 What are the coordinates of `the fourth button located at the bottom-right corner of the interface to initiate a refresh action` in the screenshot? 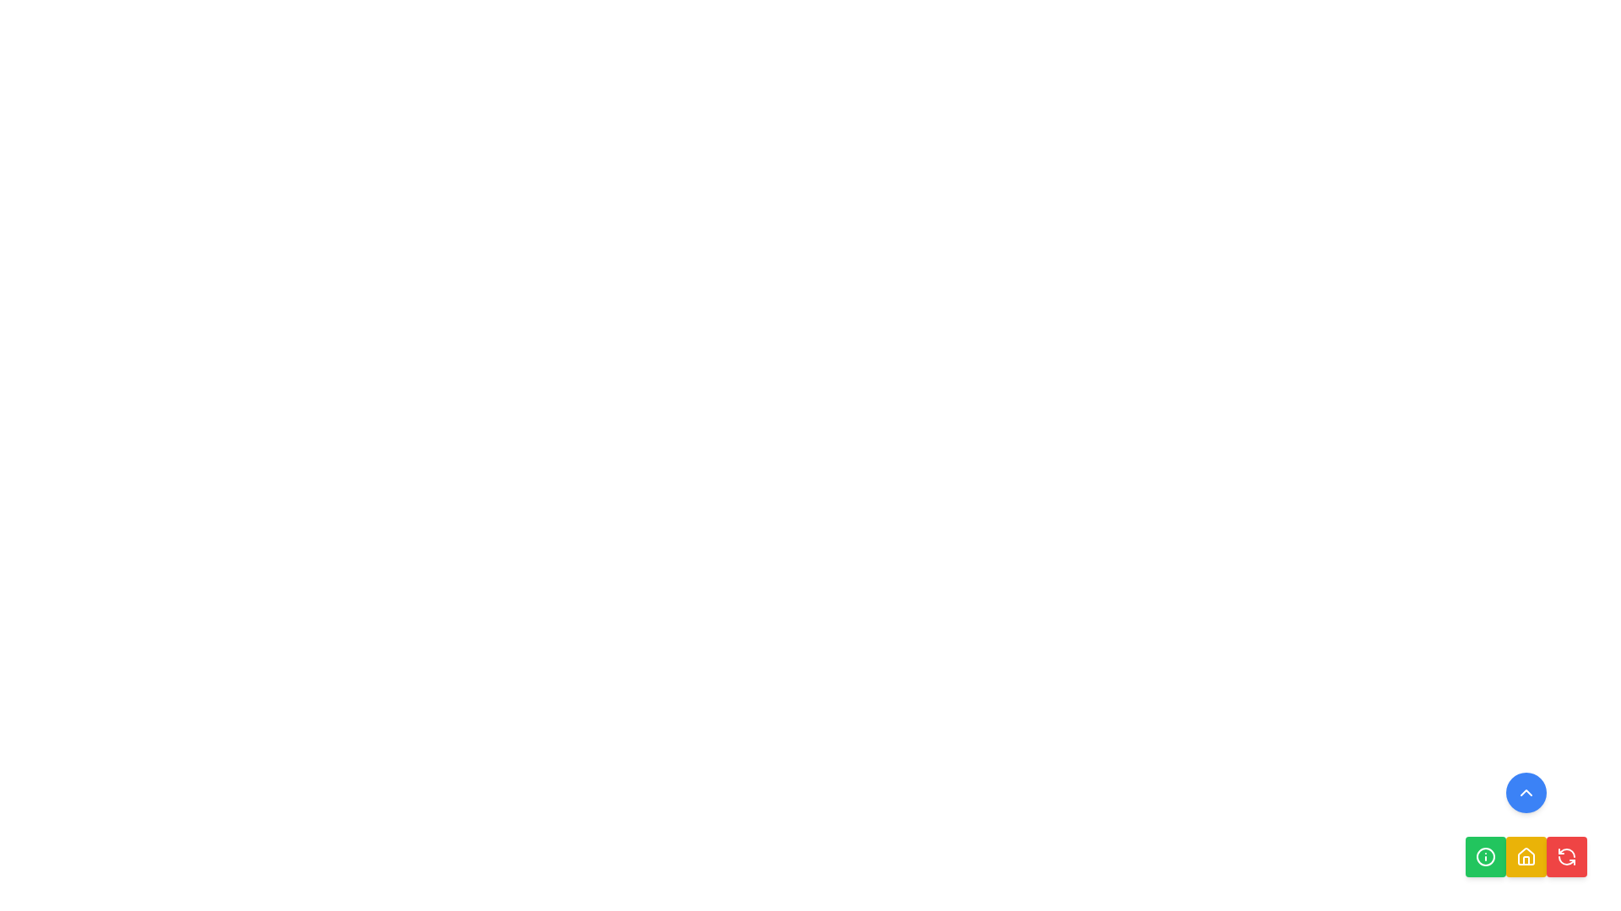 It's located at (1566, 856).